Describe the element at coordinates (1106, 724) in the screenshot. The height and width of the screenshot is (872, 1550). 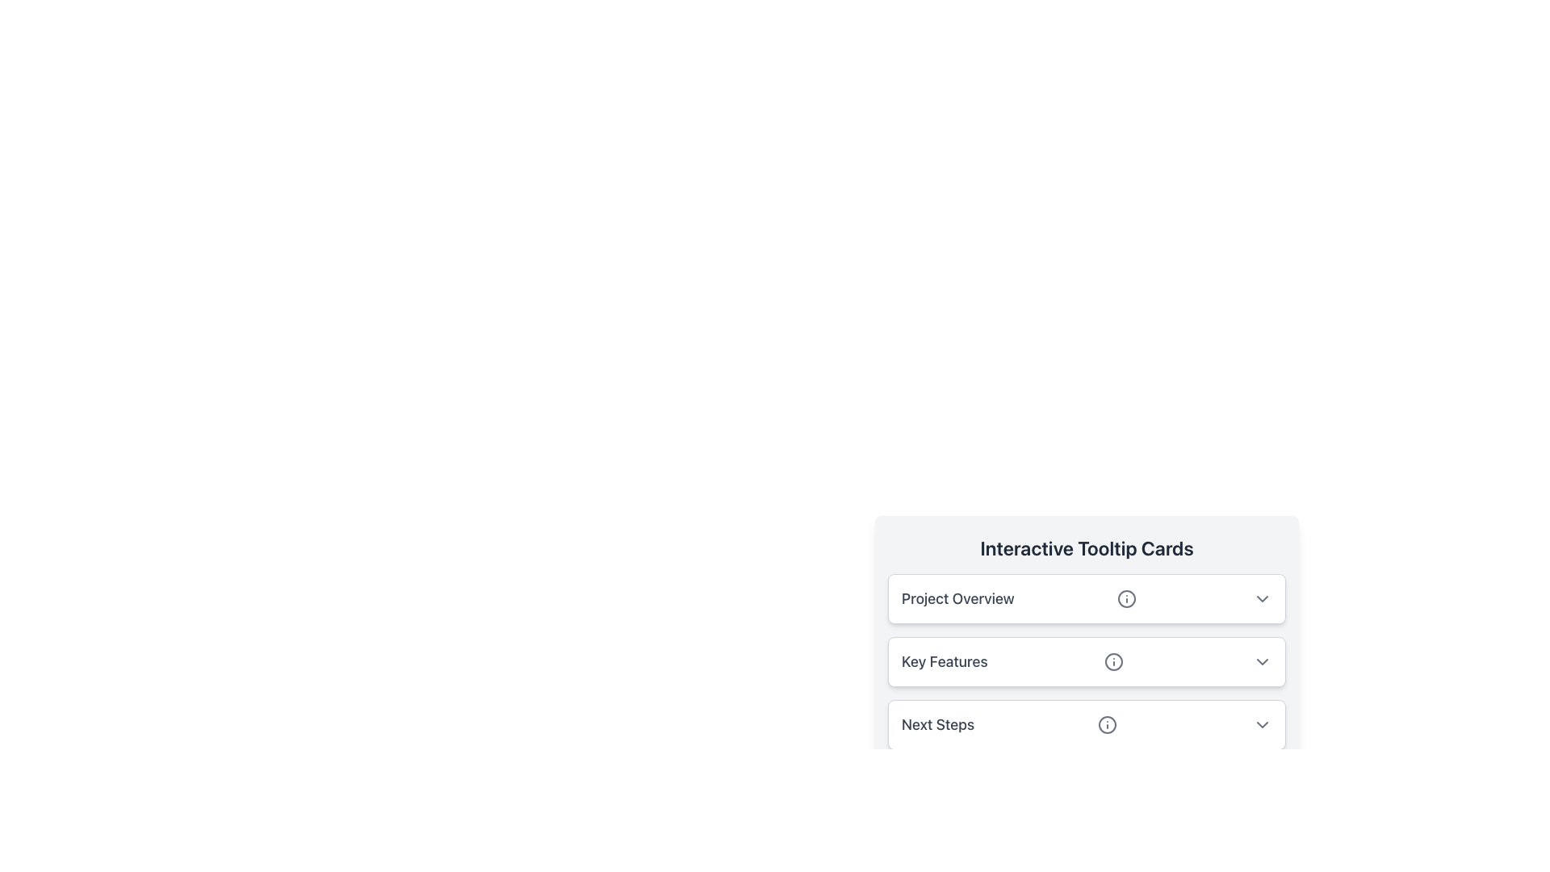
I see `the SVG Circle Icon located inside the interactive panel under the 'Next Steps' section, to the left side of its dropdown arrow` at that location.